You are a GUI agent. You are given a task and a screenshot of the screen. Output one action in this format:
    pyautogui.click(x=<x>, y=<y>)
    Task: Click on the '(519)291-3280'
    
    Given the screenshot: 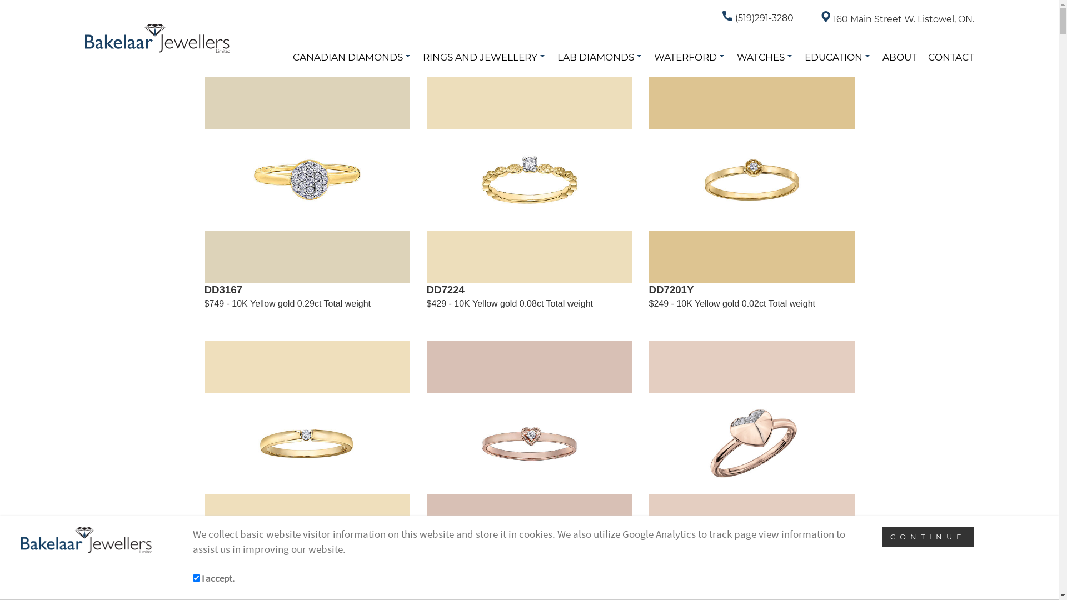 What is the action you would take?
    pyautogui.click(x=757, y=18)
    